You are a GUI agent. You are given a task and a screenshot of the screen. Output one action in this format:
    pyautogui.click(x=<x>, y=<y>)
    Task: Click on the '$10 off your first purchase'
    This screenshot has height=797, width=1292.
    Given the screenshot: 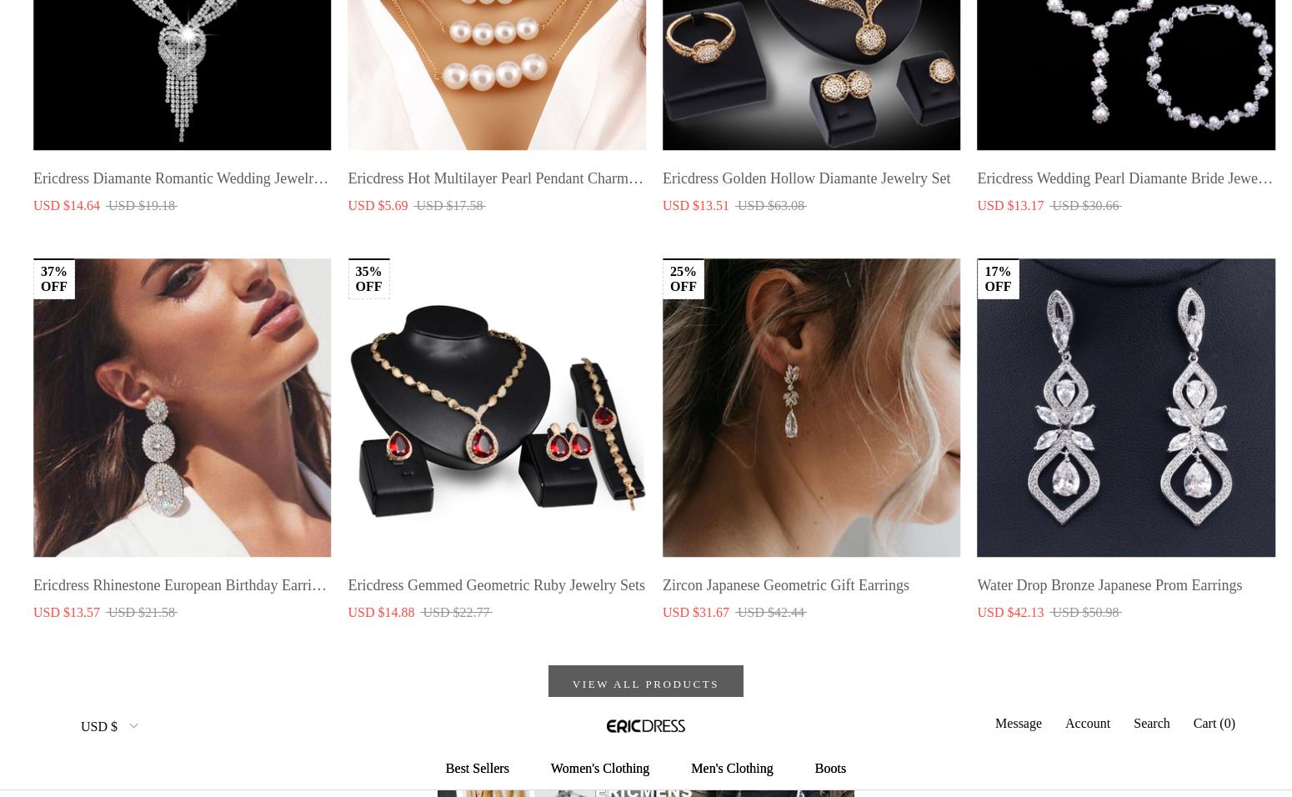 What is the action you would take?
    pyautogui.click(x=1124, y=559)
    